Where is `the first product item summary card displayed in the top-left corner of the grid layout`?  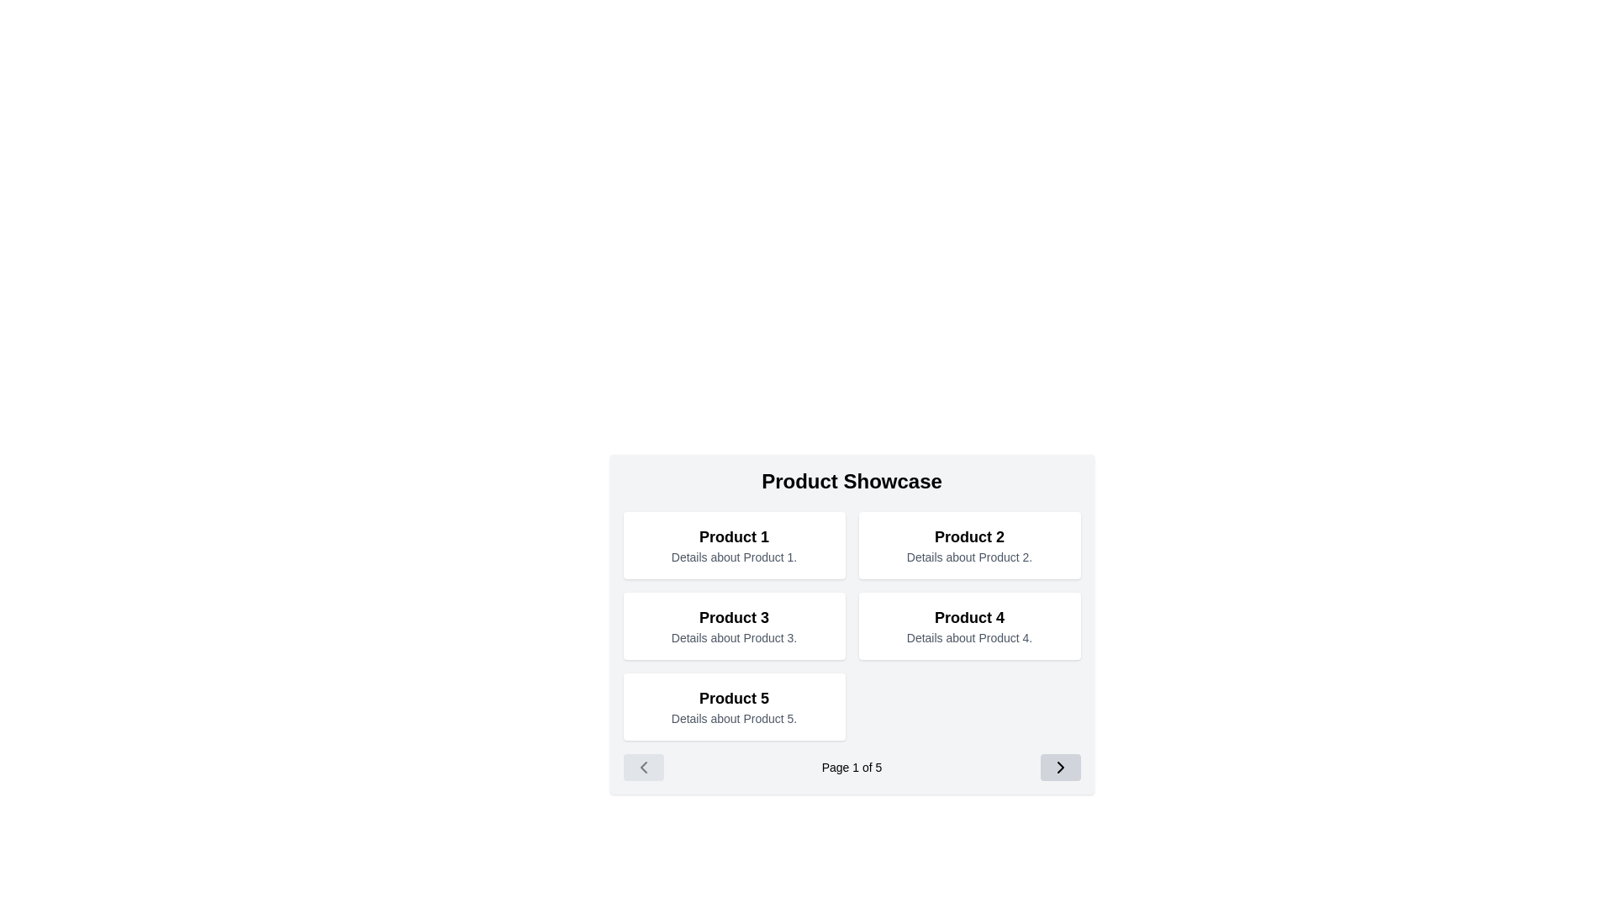
the first product item summary card displayed in the top-left corner of the grid layout is located at coordinates (734, 545).